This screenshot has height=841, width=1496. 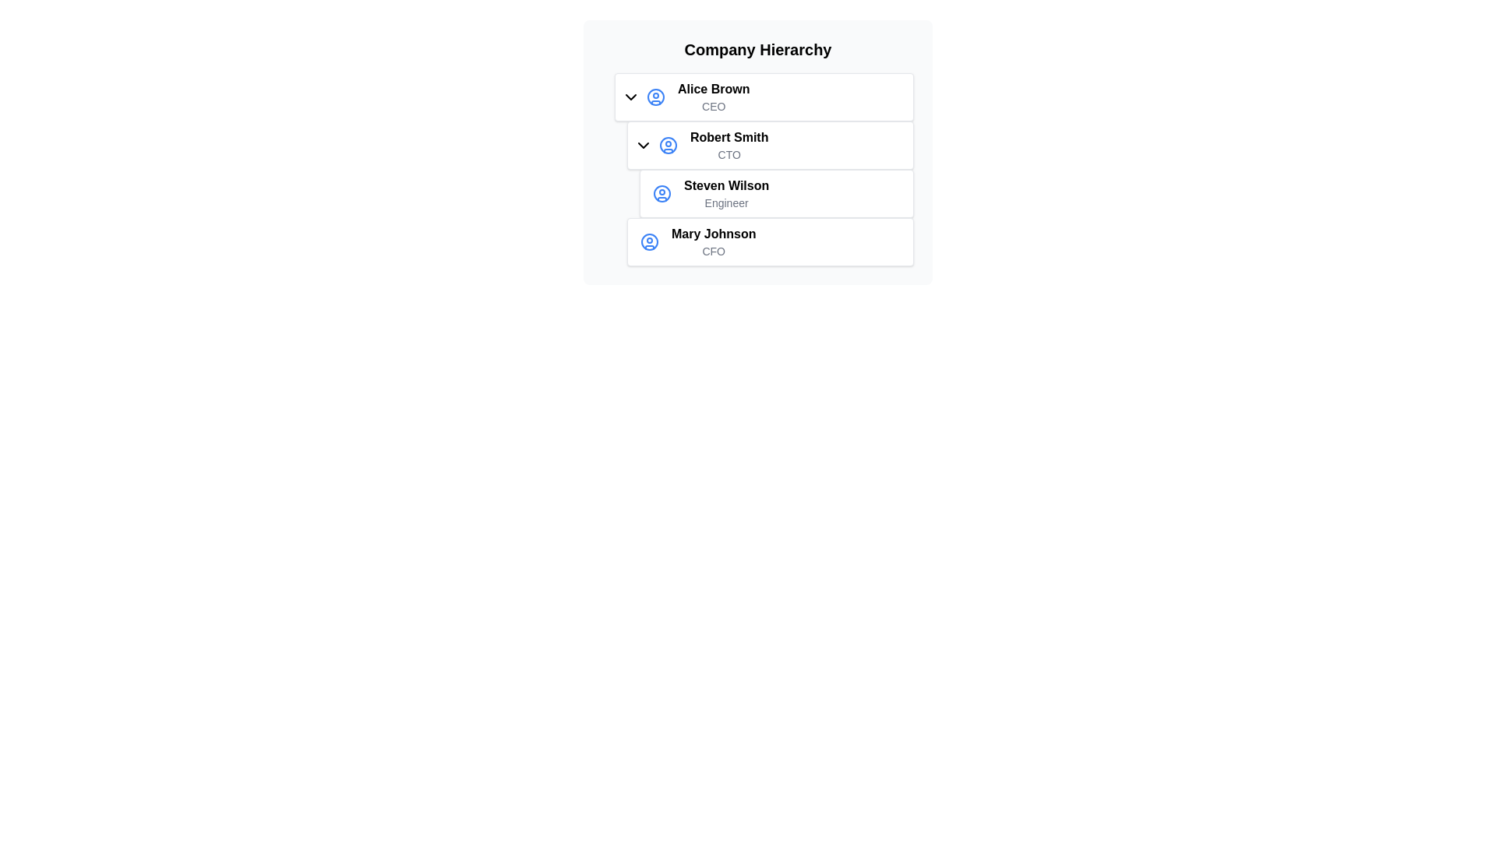 What do you see at coordinates (713, 234) in the screenshot?
I see `text label displaying 'Mary Johnson' in bold font style, located under the 'Company Hierarchy' heading, which is the first line of the entry 'Mary Johnson CFO'` at bounding box center [713, 234].